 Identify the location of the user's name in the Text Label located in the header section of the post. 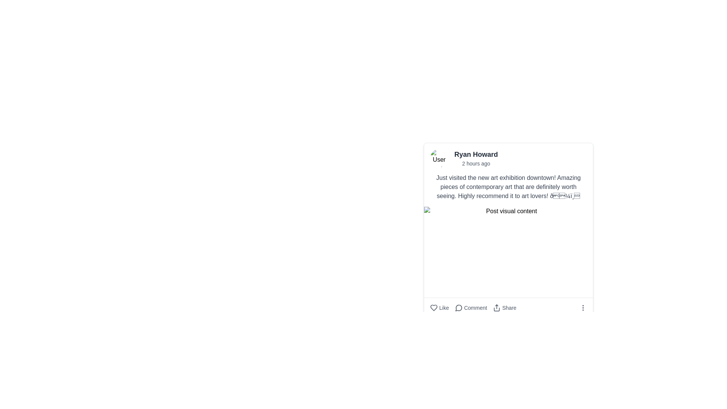
(476, 154).